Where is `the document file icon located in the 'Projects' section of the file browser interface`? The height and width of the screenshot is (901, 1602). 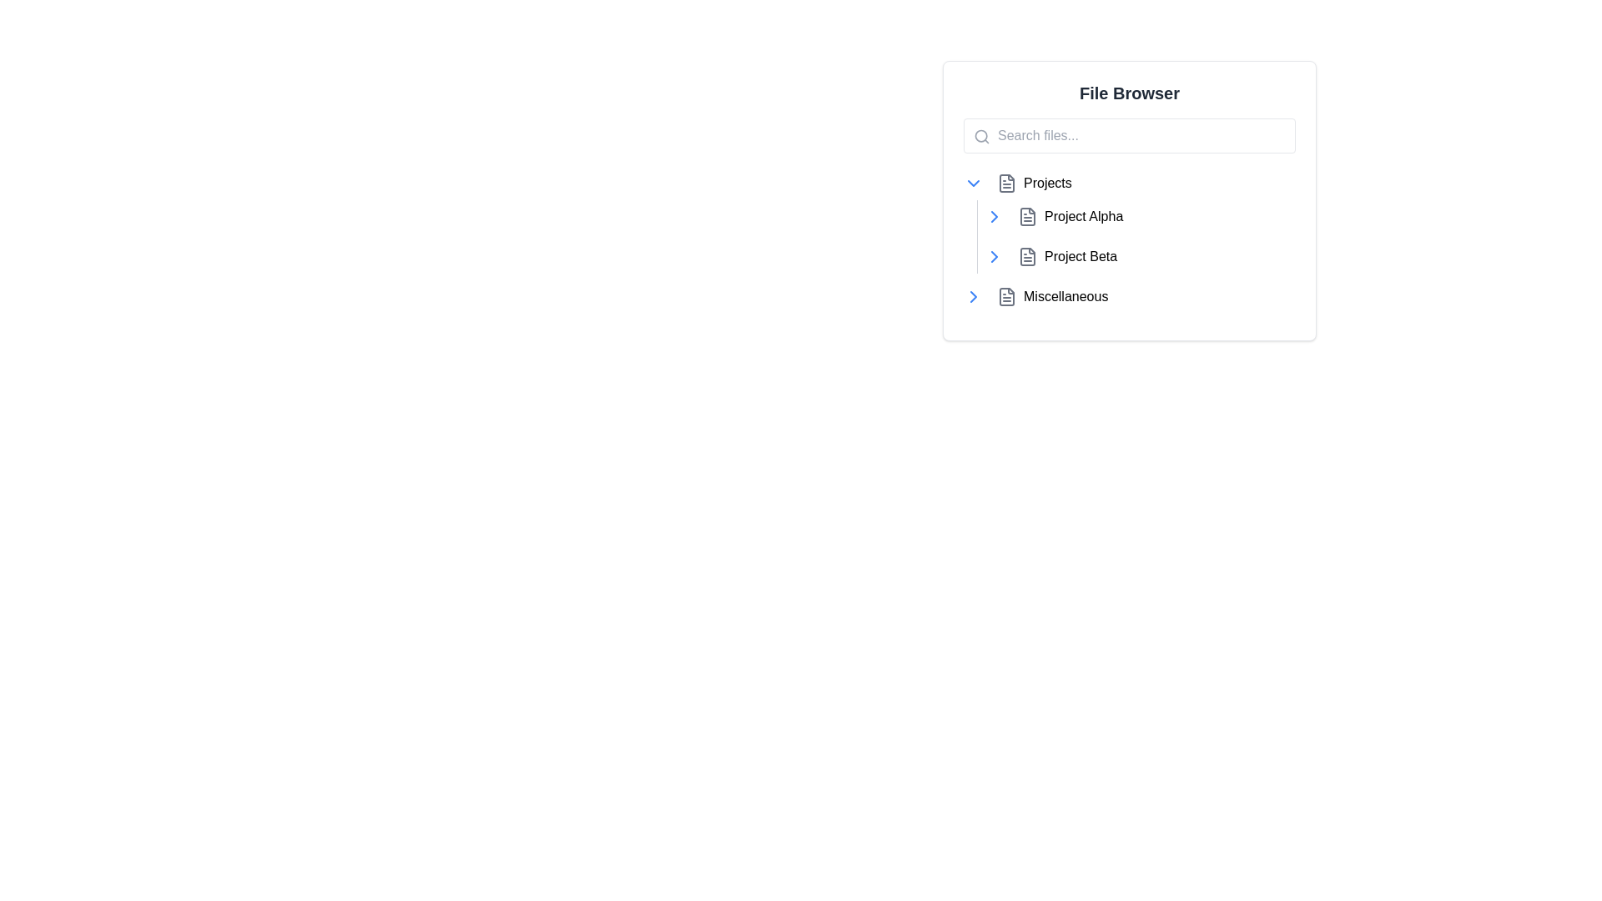
the document file icon located in the 'Projects' section of the file browser interface is located at coordinates (1005, 183).